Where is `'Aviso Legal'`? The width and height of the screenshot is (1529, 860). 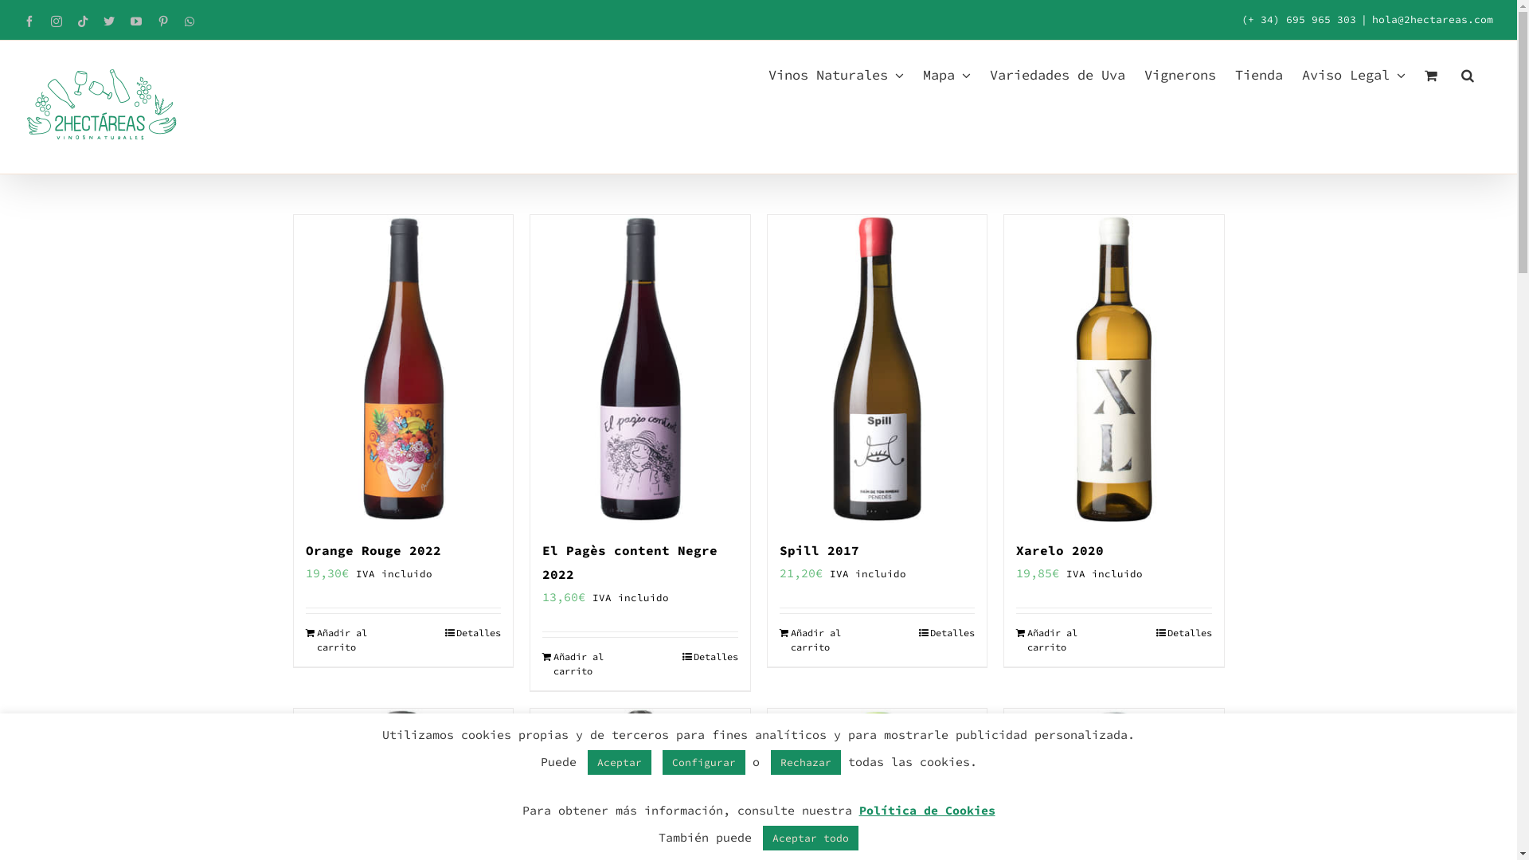 'Aviso Legal' is located at coordinates (1302, 73).